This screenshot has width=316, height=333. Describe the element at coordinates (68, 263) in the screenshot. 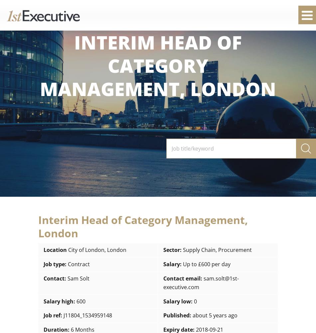

I see `'Contract'` at that location.